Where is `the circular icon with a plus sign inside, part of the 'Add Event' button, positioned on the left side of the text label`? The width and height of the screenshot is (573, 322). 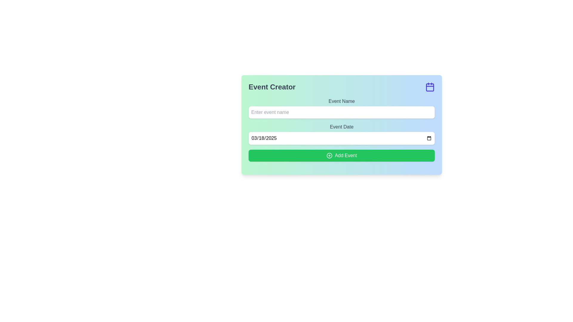
the circular icon with a plus sign inside, part of the 'Add Event' button, positioned on the left side of the text label is located at coordinates (329, 155).